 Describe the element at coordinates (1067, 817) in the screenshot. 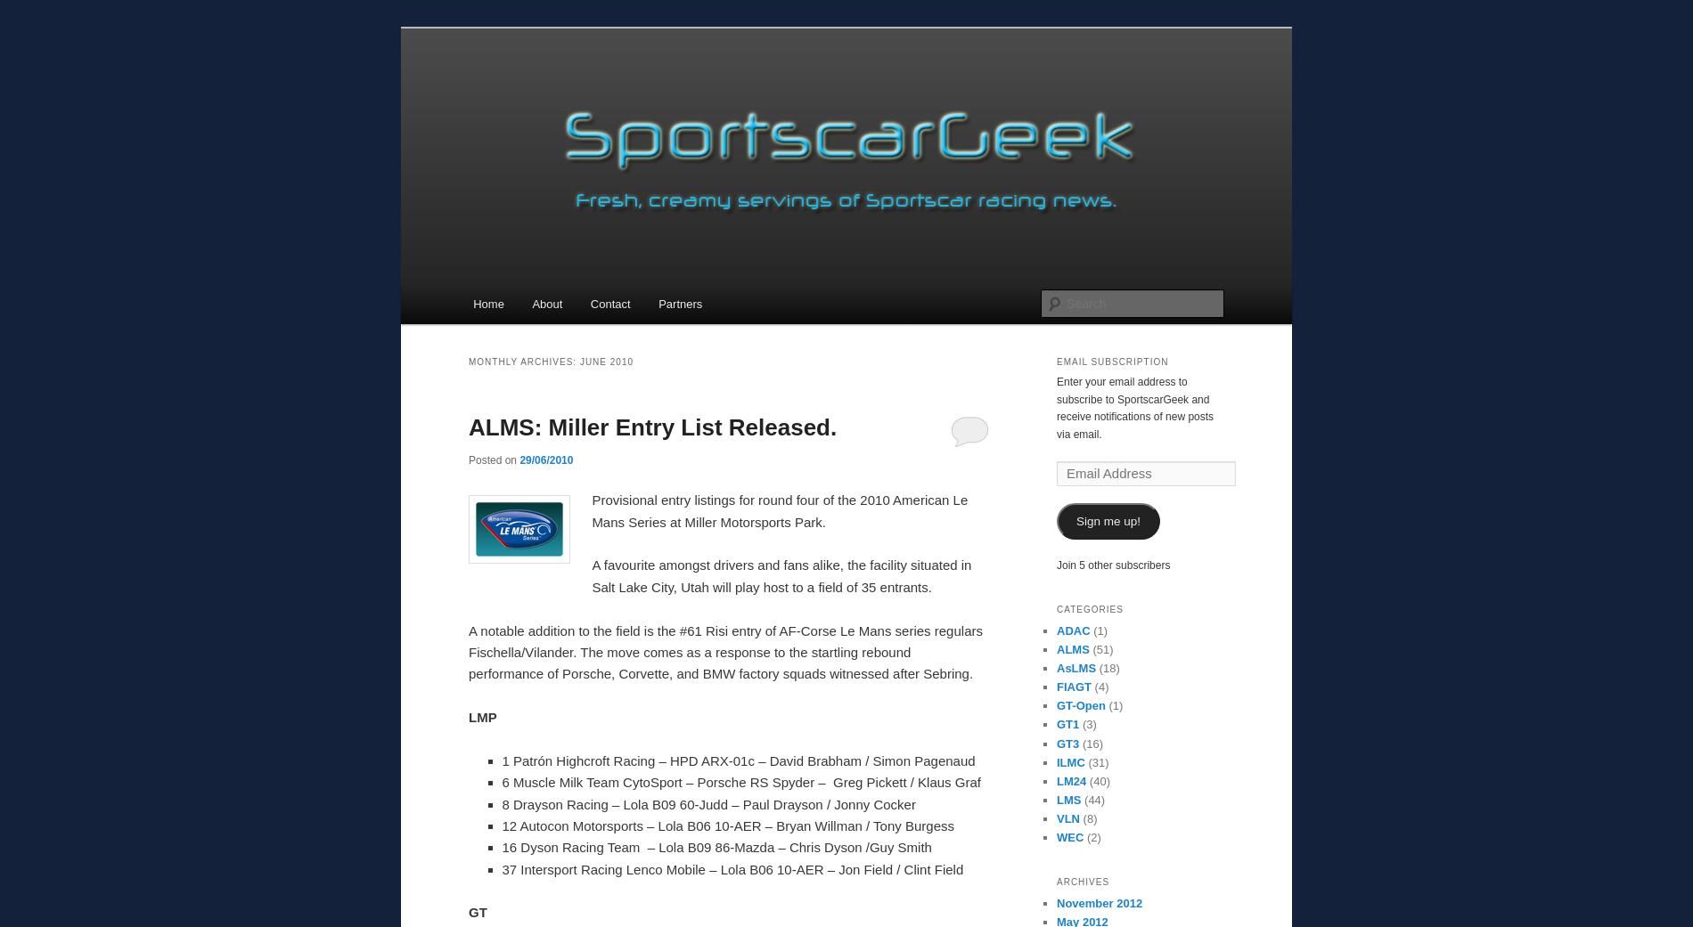

I see `'VLN'` at that location.